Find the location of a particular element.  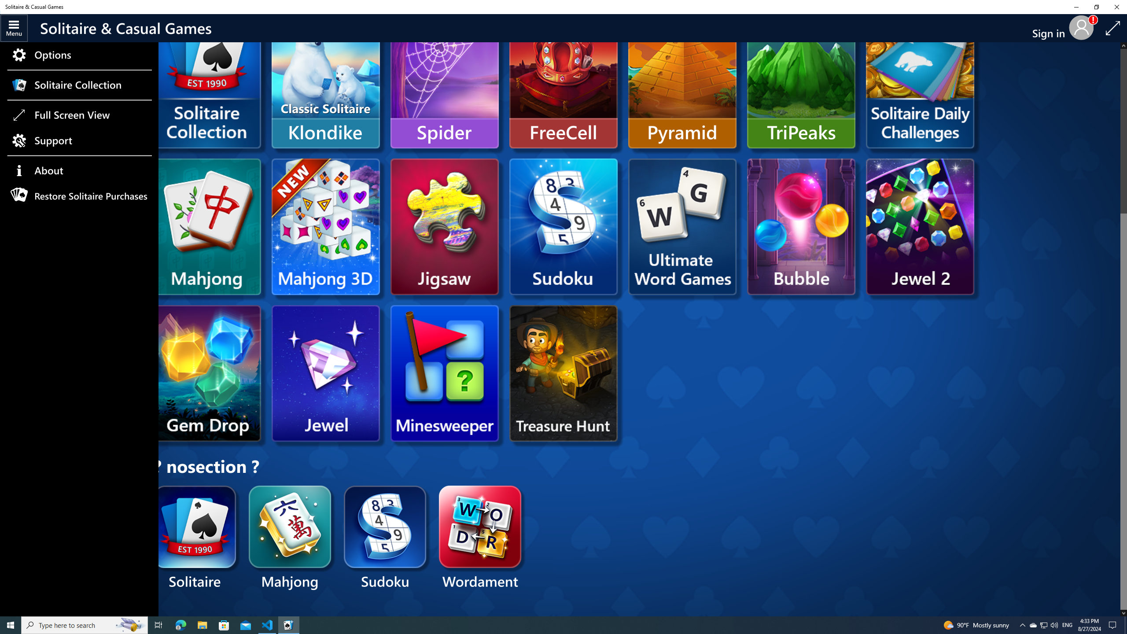

'Microsoft Treasure Hunt' is located at coordinates (563, 373).